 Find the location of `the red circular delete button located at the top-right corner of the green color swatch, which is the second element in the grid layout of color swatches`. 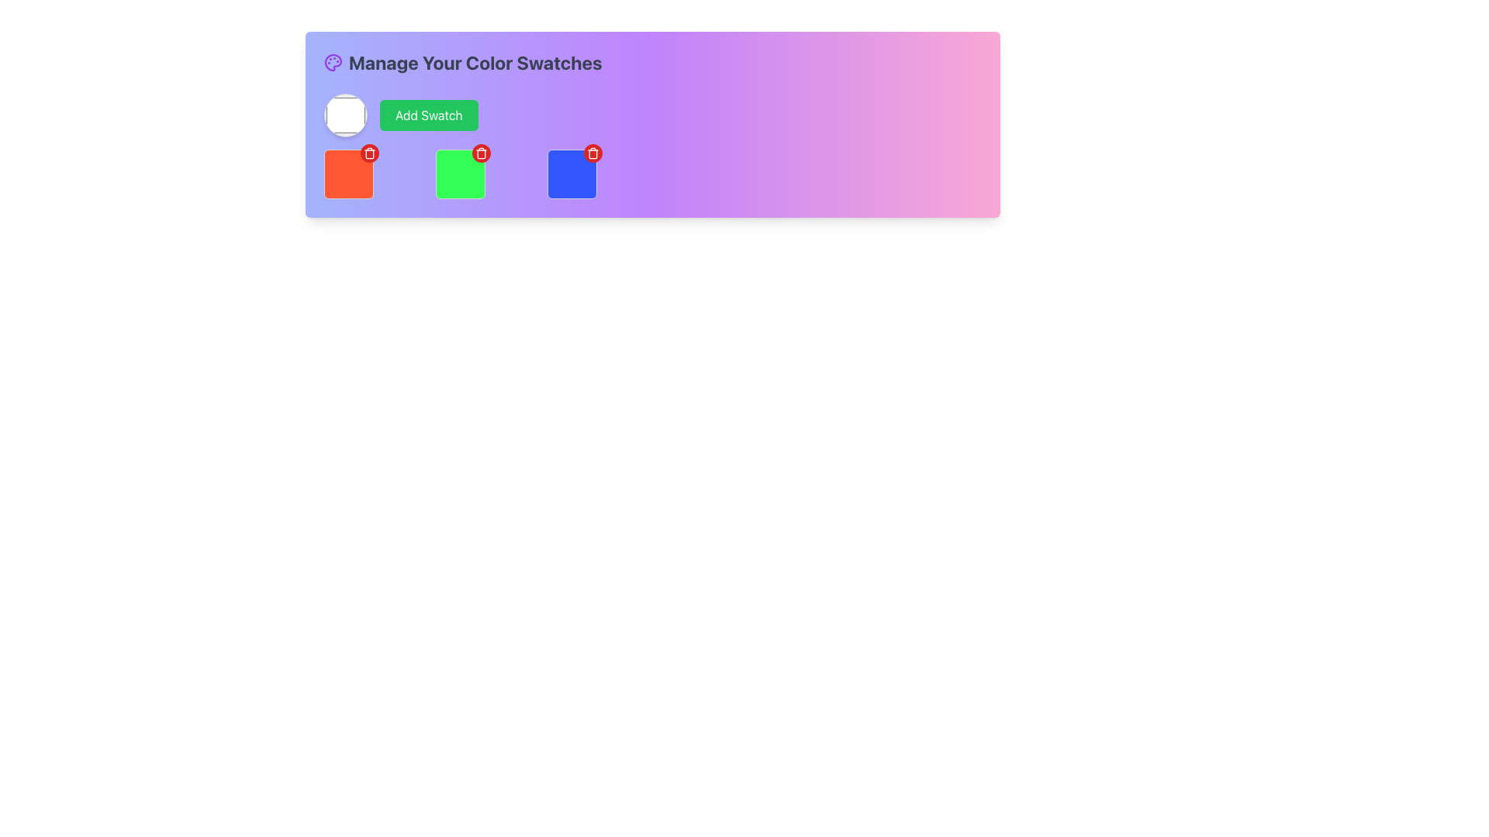

the red circular delete button located at the top-right corner of the green color swatch, which is the second element in the grid layout of color swatches is located at coordinates (460, 174).